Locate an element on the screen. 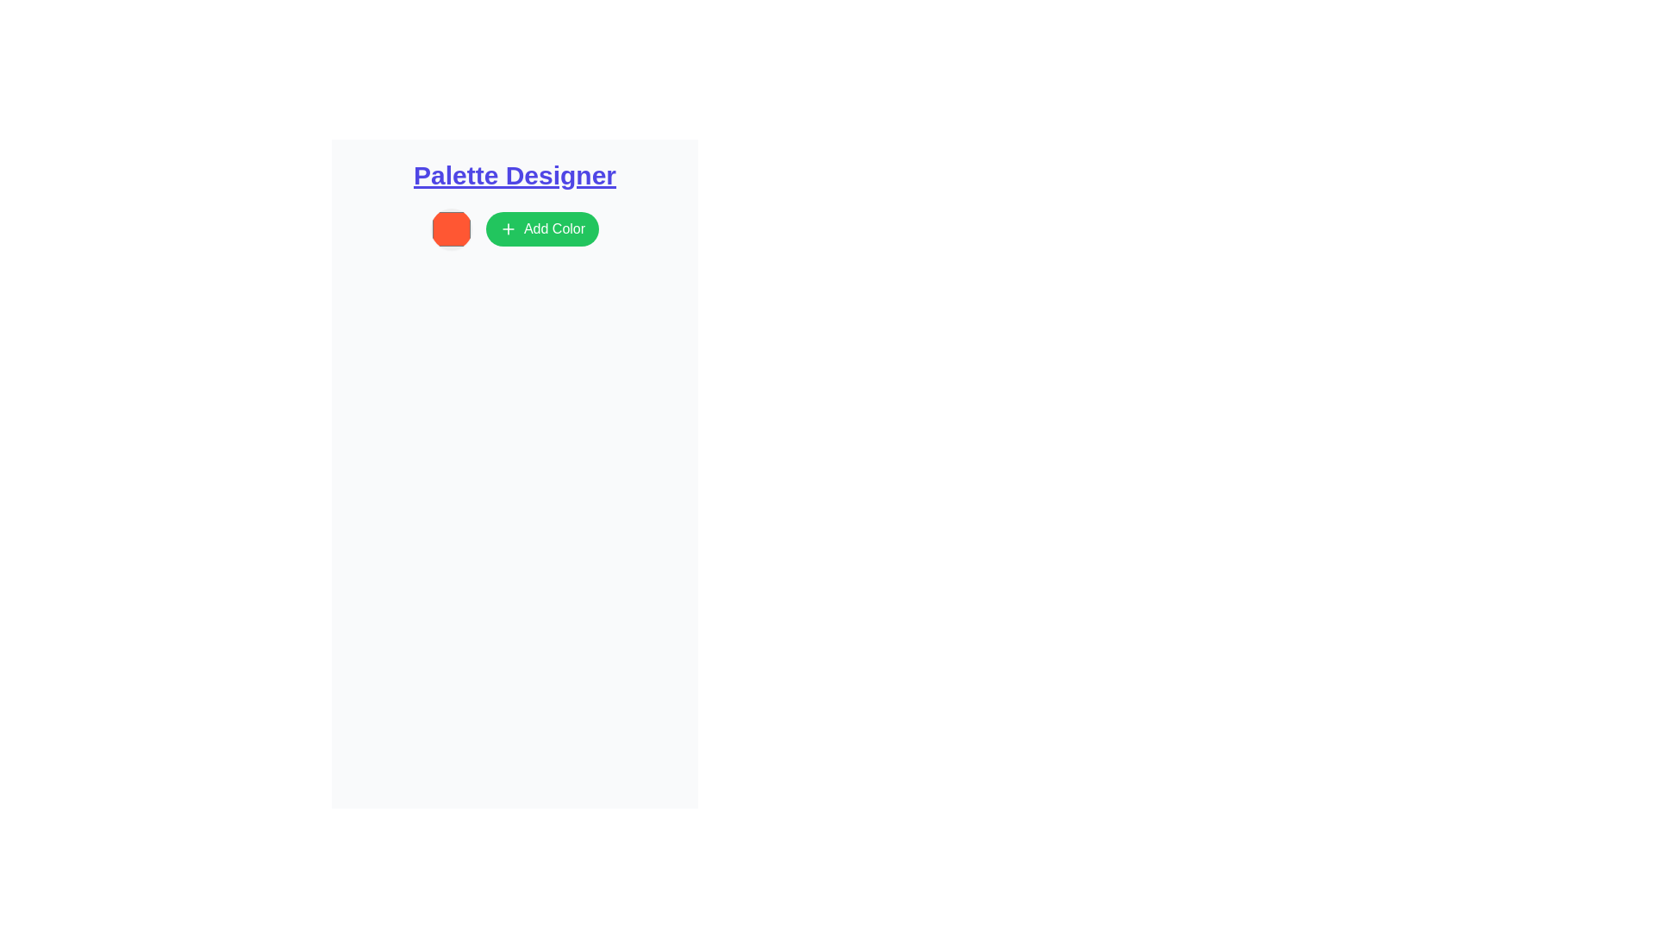 This screenshot has height=931, width=1655. the 'Add Color' green button with rounded corners is located at coordinates (514, 228).